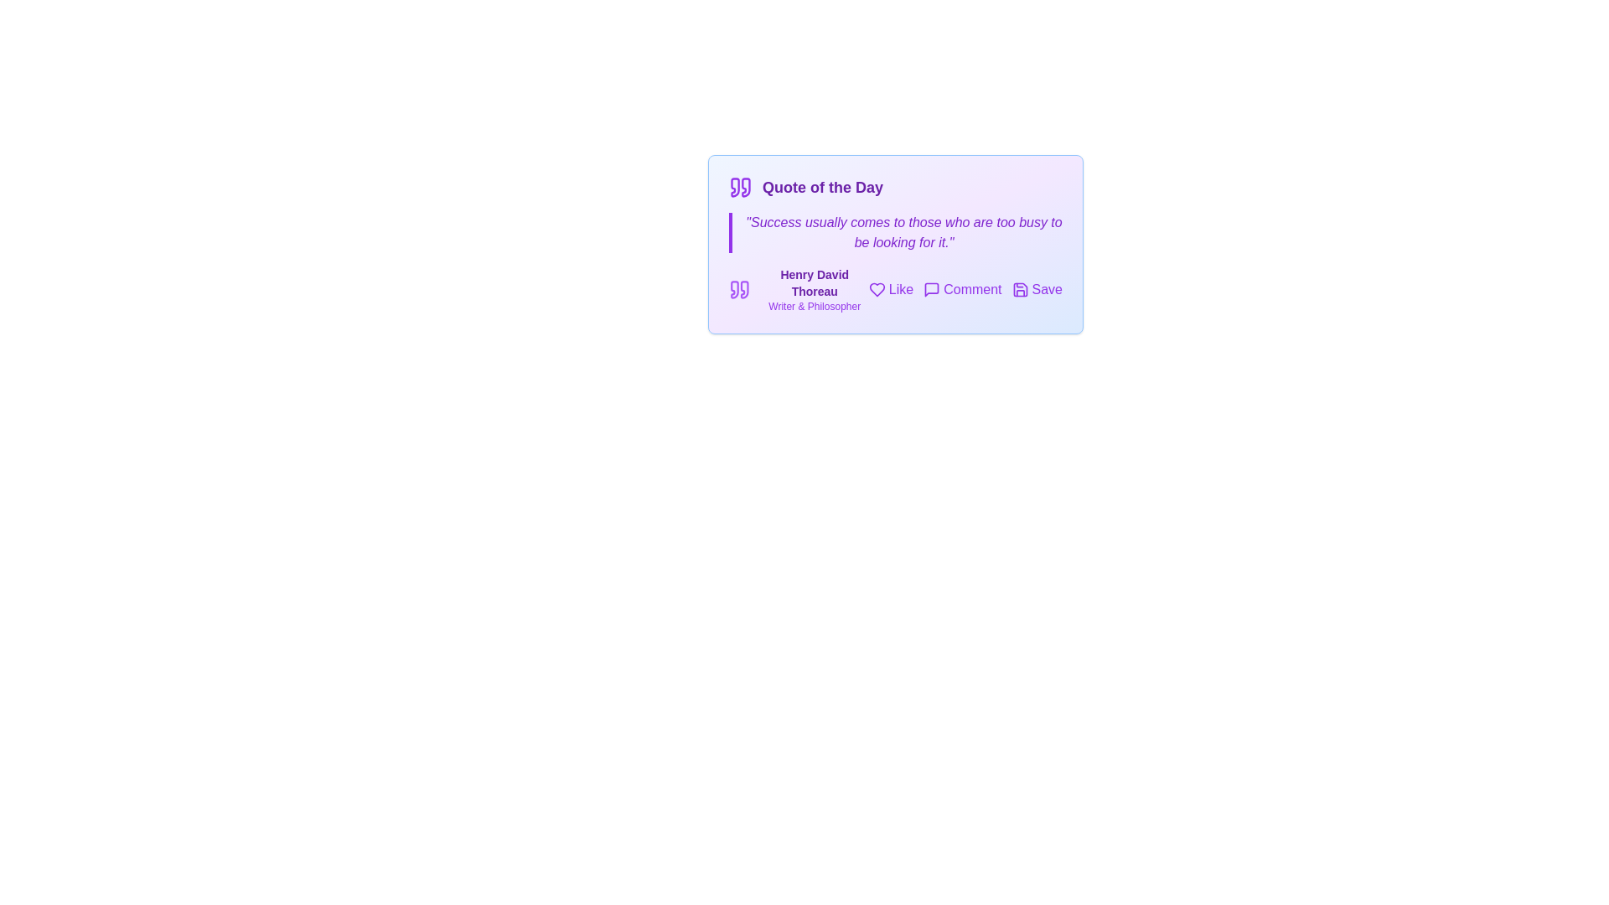  What do you see at coordinates (900, 289) in the screenshot?
I see `the Text label that indicates the purpose of the associated interactive heart icon` at bounding box center [900, 289].